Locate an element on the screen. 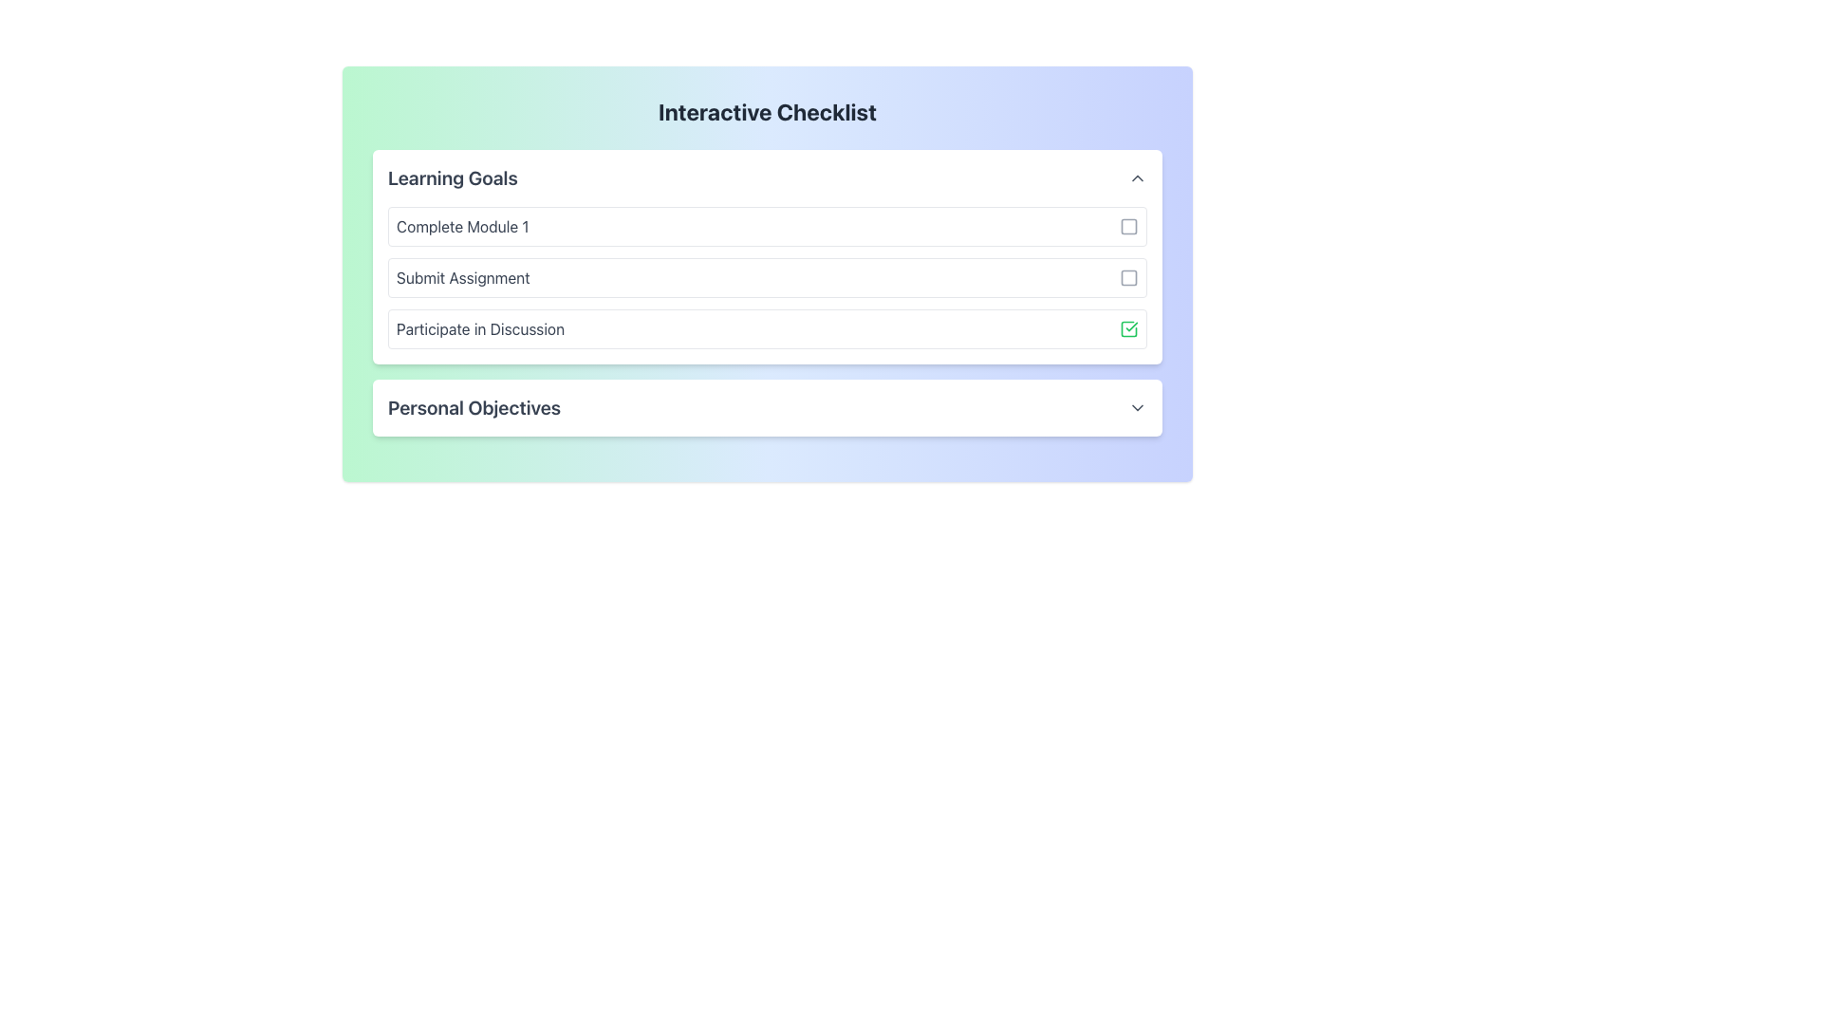  the interactive checkbox for 'Participate in Discussion' is located at coordinates (1129, 328).